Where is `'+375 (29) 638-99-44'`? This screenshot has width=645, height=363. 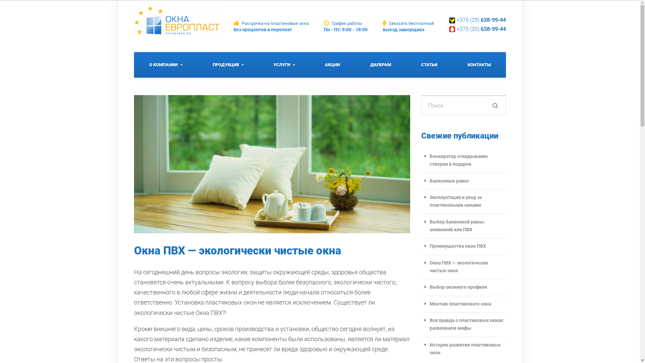 '+375 (29) 638-99-44' is located at coordinates (481, 19).